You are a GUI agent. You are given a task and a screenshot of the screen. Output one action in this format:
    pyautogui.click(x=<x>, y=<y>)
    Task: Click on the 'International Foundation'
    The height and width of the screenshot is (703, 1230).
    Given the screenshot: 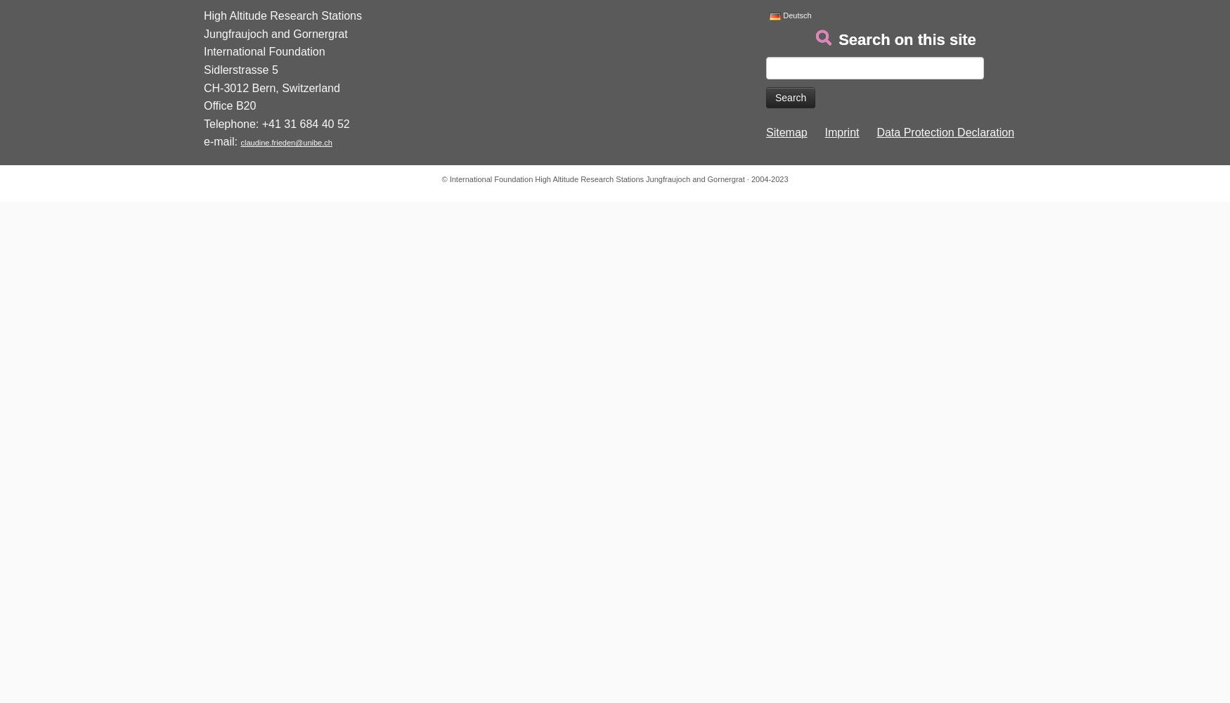 What is the action you would take?
    pyautogui.click(x=264, y=51)
    